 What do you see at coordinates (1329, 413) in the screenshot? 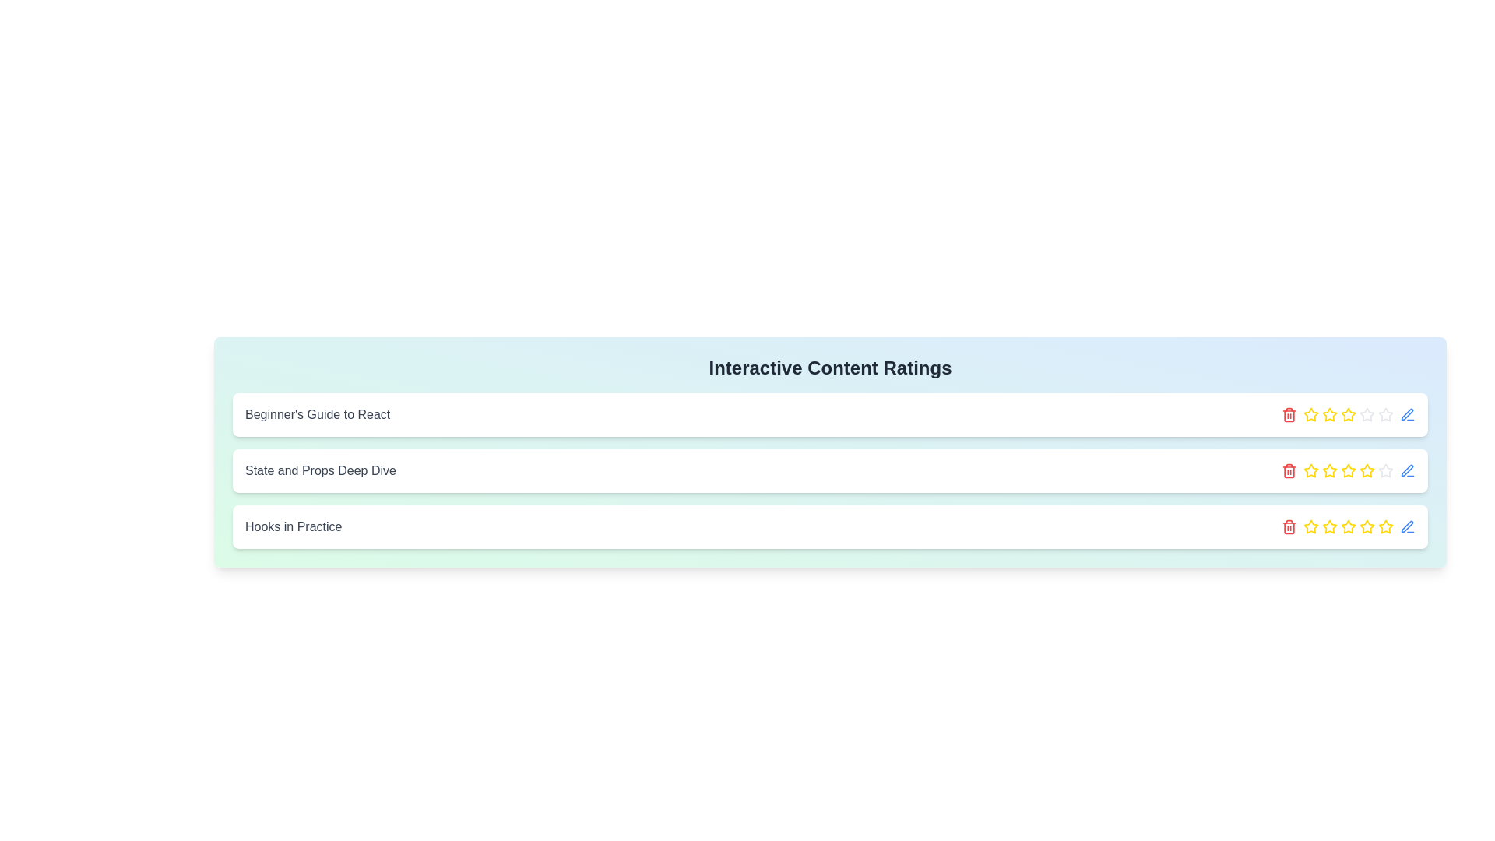
I see `the second yellow star icon in the rating system` at bounding box center [1329, 413].